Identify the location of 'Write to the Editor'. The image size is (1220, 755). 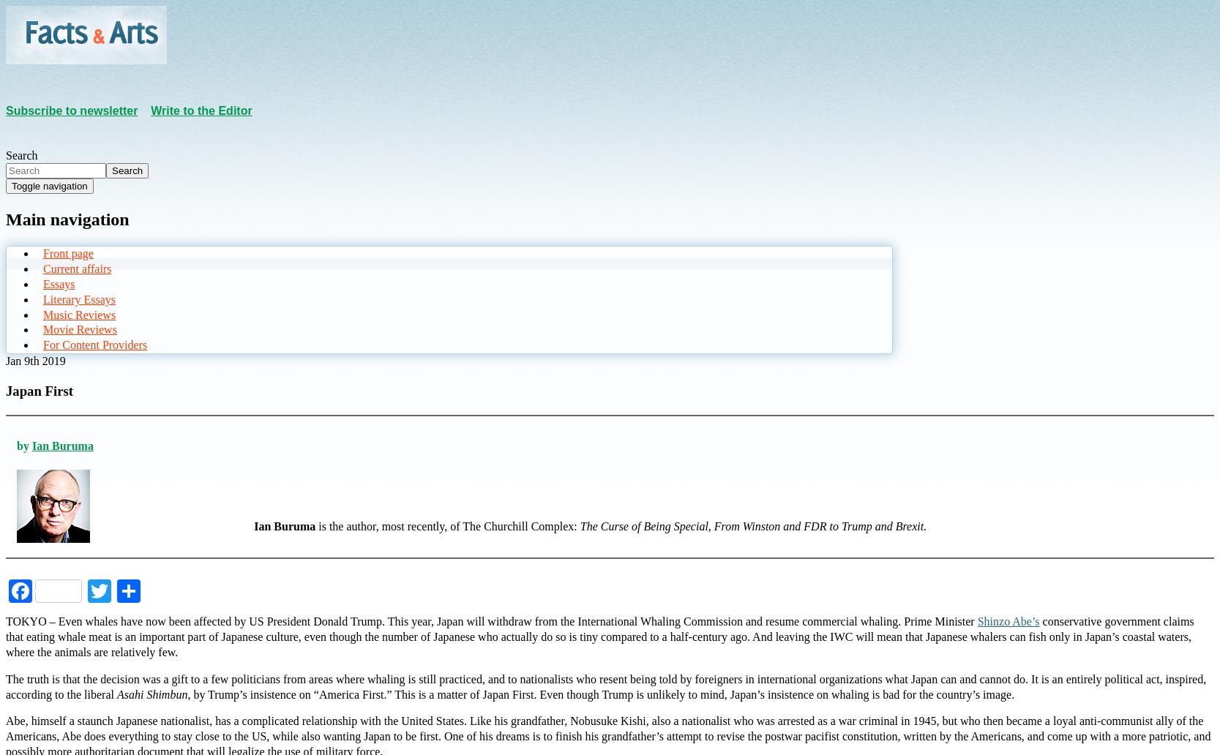
(201, 109).